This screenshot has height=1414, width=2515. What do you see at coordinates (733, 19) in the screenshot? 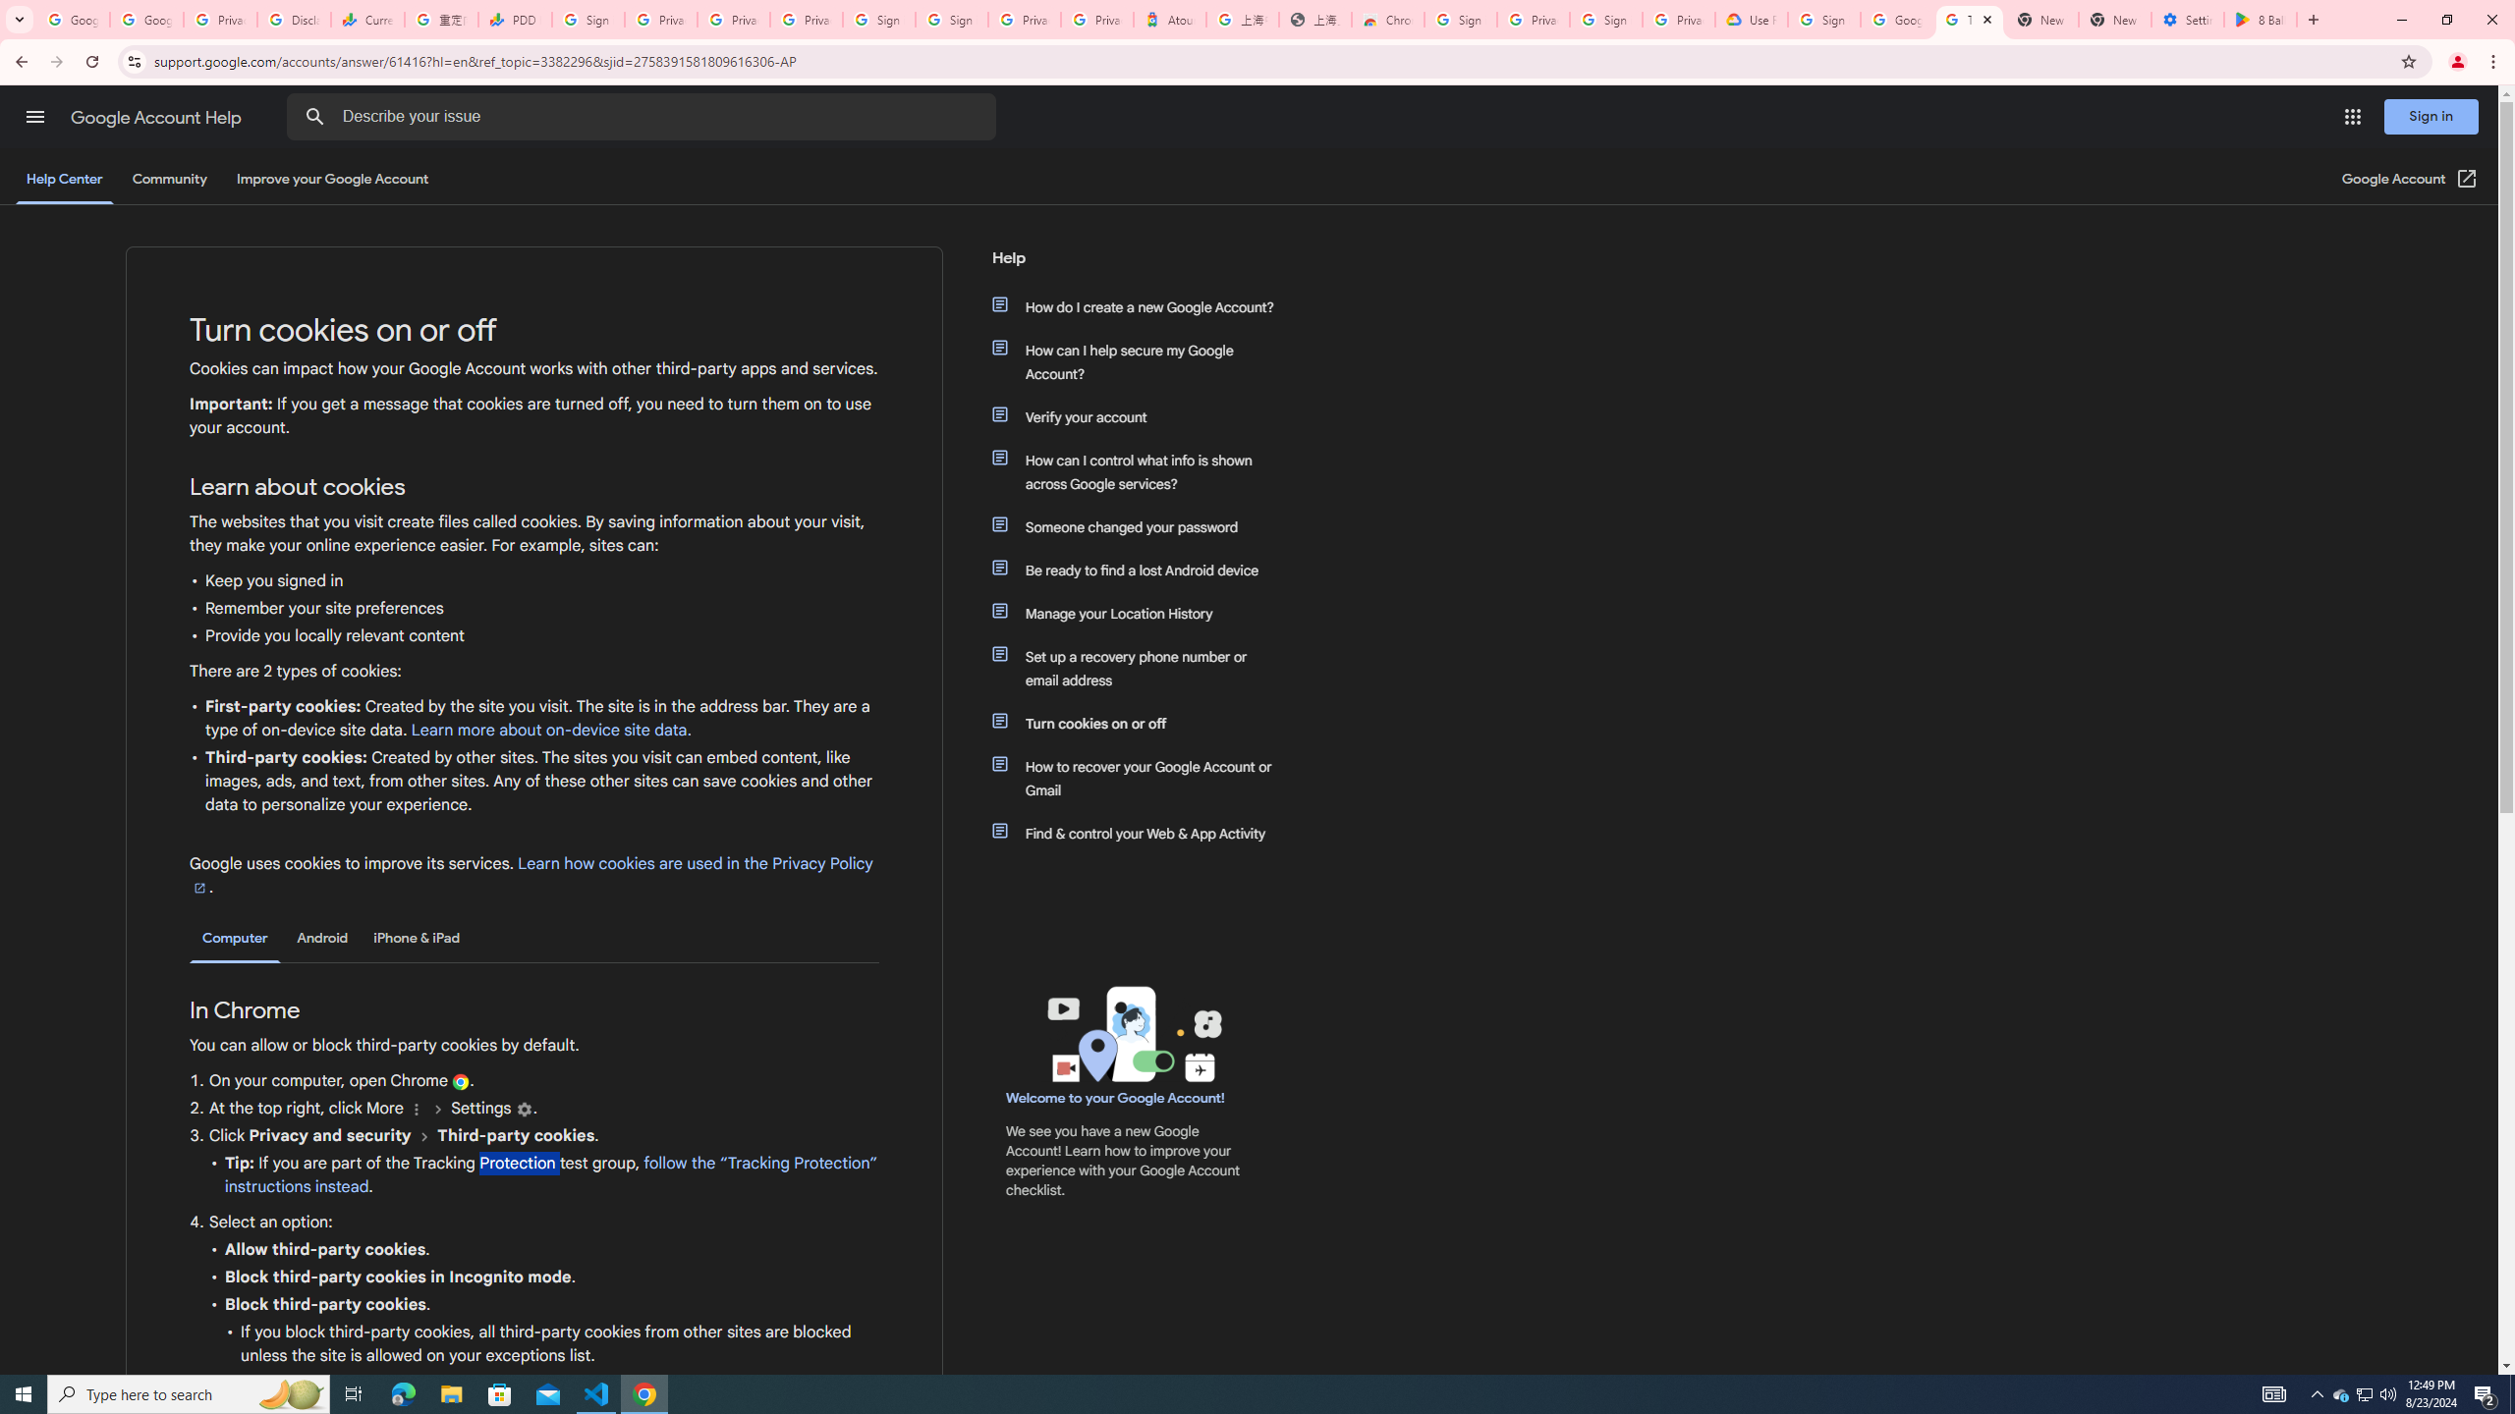
I see `'Privacy Checkup'` at bounding box center [733, 19].